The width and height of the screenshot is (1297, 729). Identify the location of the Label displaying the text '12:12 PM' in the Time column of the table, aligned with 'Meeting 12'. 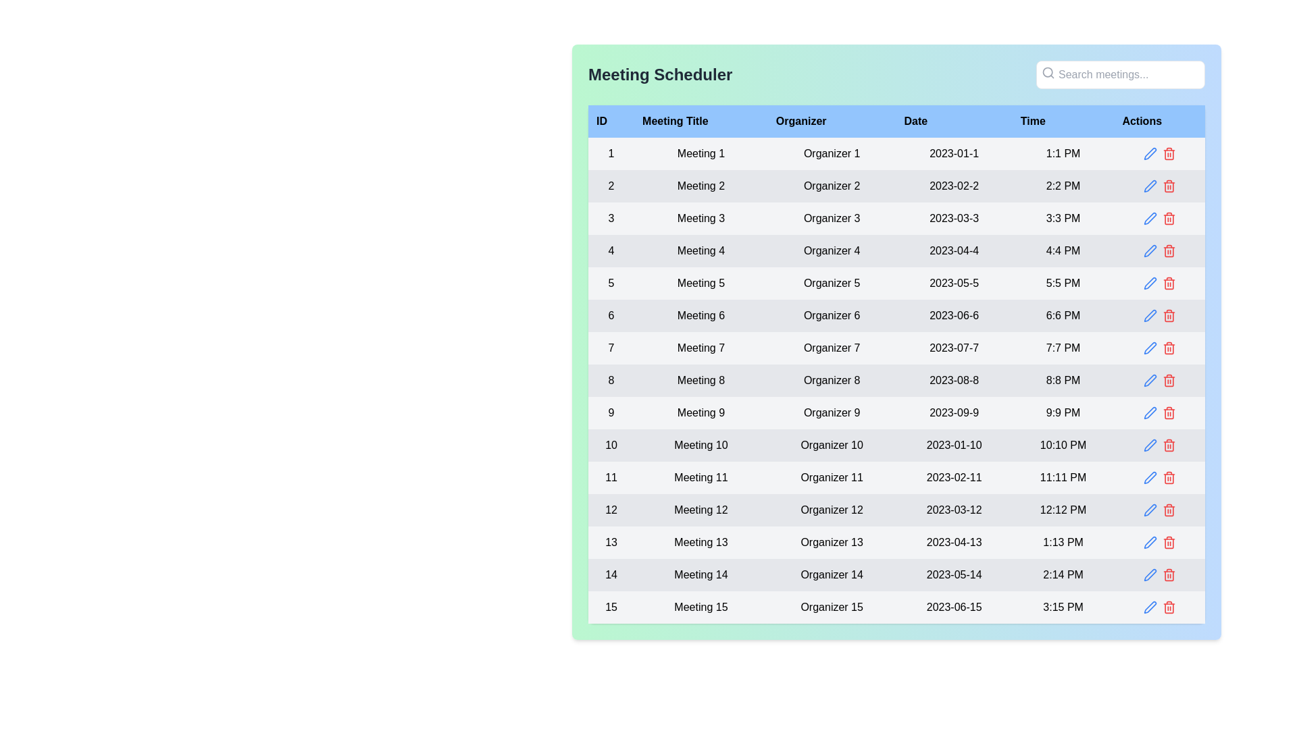
(1063, 510).